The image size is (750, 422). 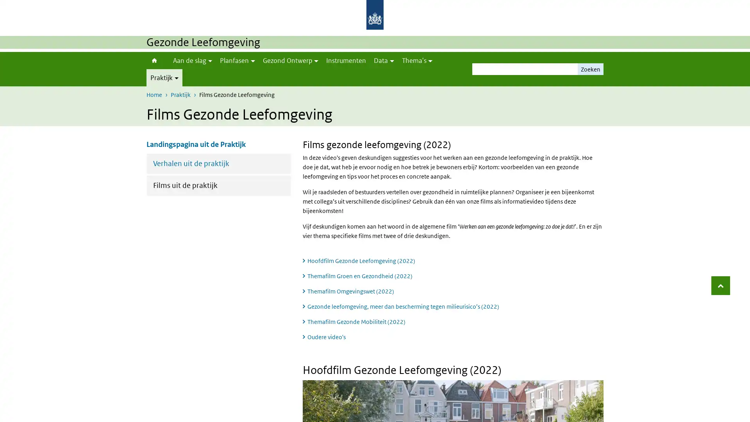 What do you see at coordinates (591, 69) in the screenshot?
I see `Zoeken` at bounding box center [591, 69].